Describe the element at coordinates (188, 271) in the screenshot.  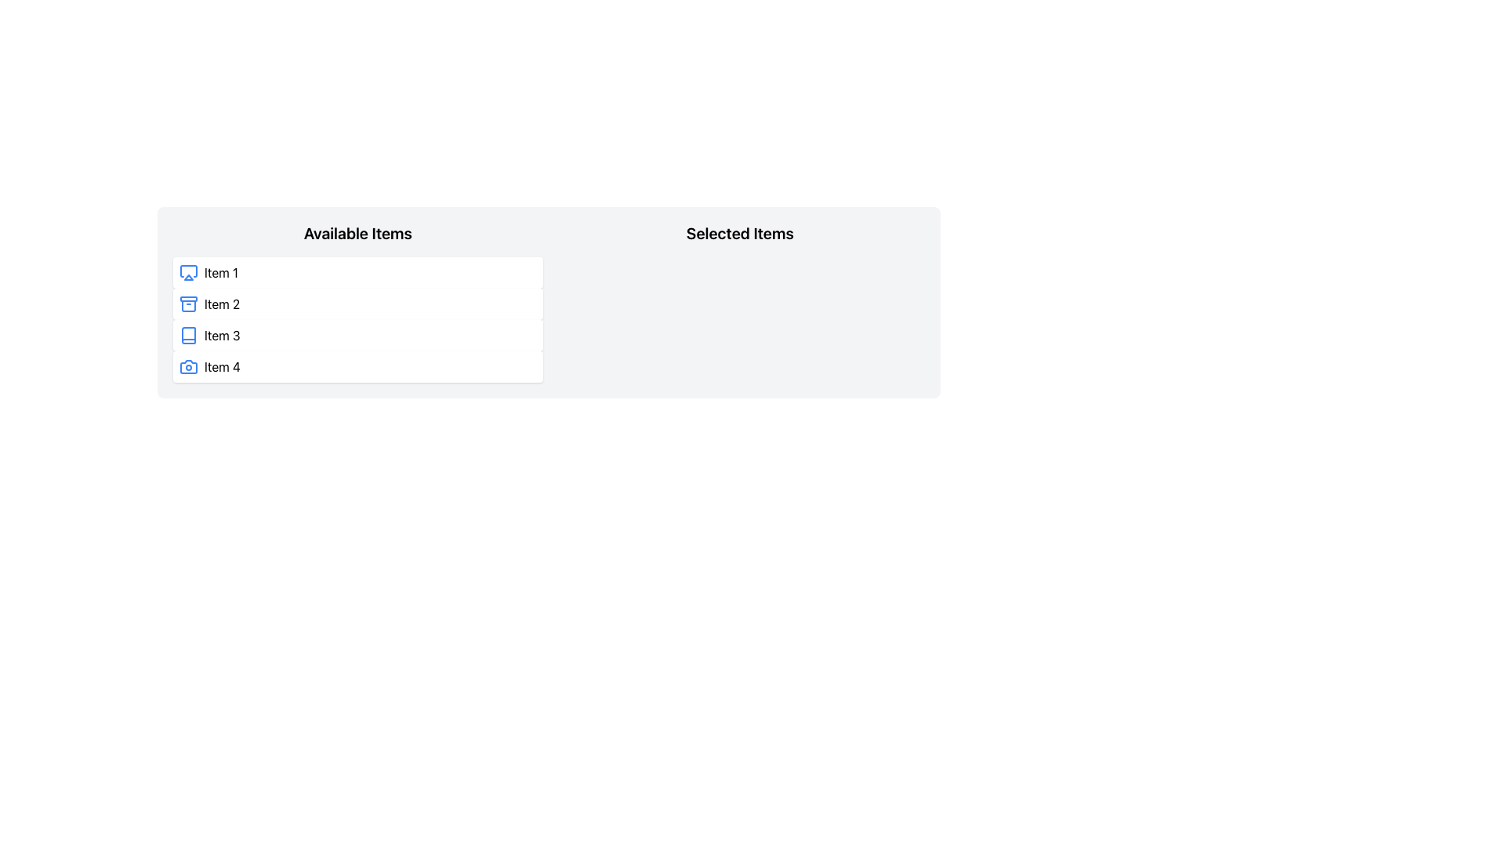
I see `the function of the Airplay icon located at the start of the 'Item 1' row in the 'Available Items' section` at that location.